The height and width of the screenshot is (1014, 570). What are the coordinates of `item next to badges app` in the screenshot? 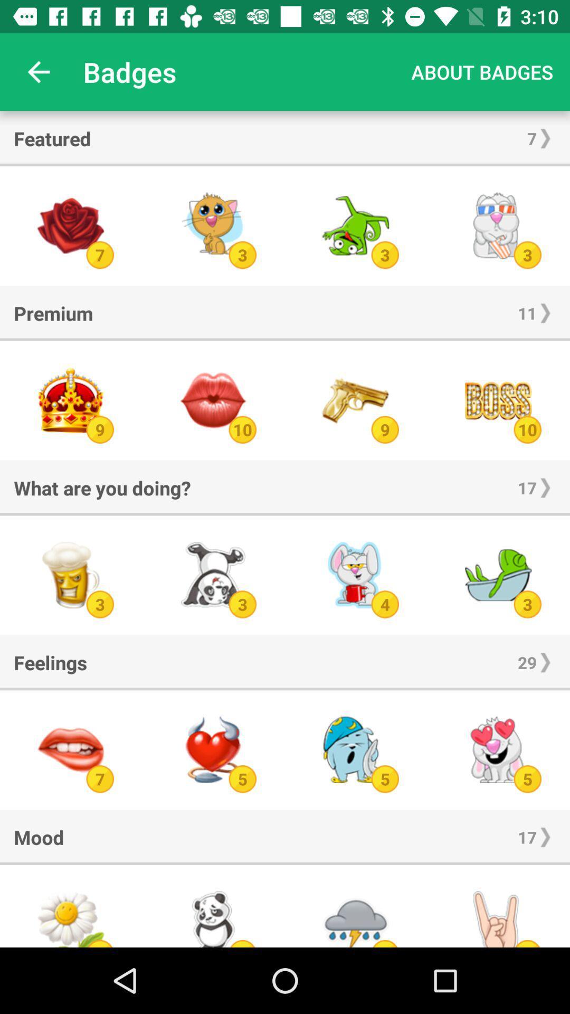 It's located at (38, 71).